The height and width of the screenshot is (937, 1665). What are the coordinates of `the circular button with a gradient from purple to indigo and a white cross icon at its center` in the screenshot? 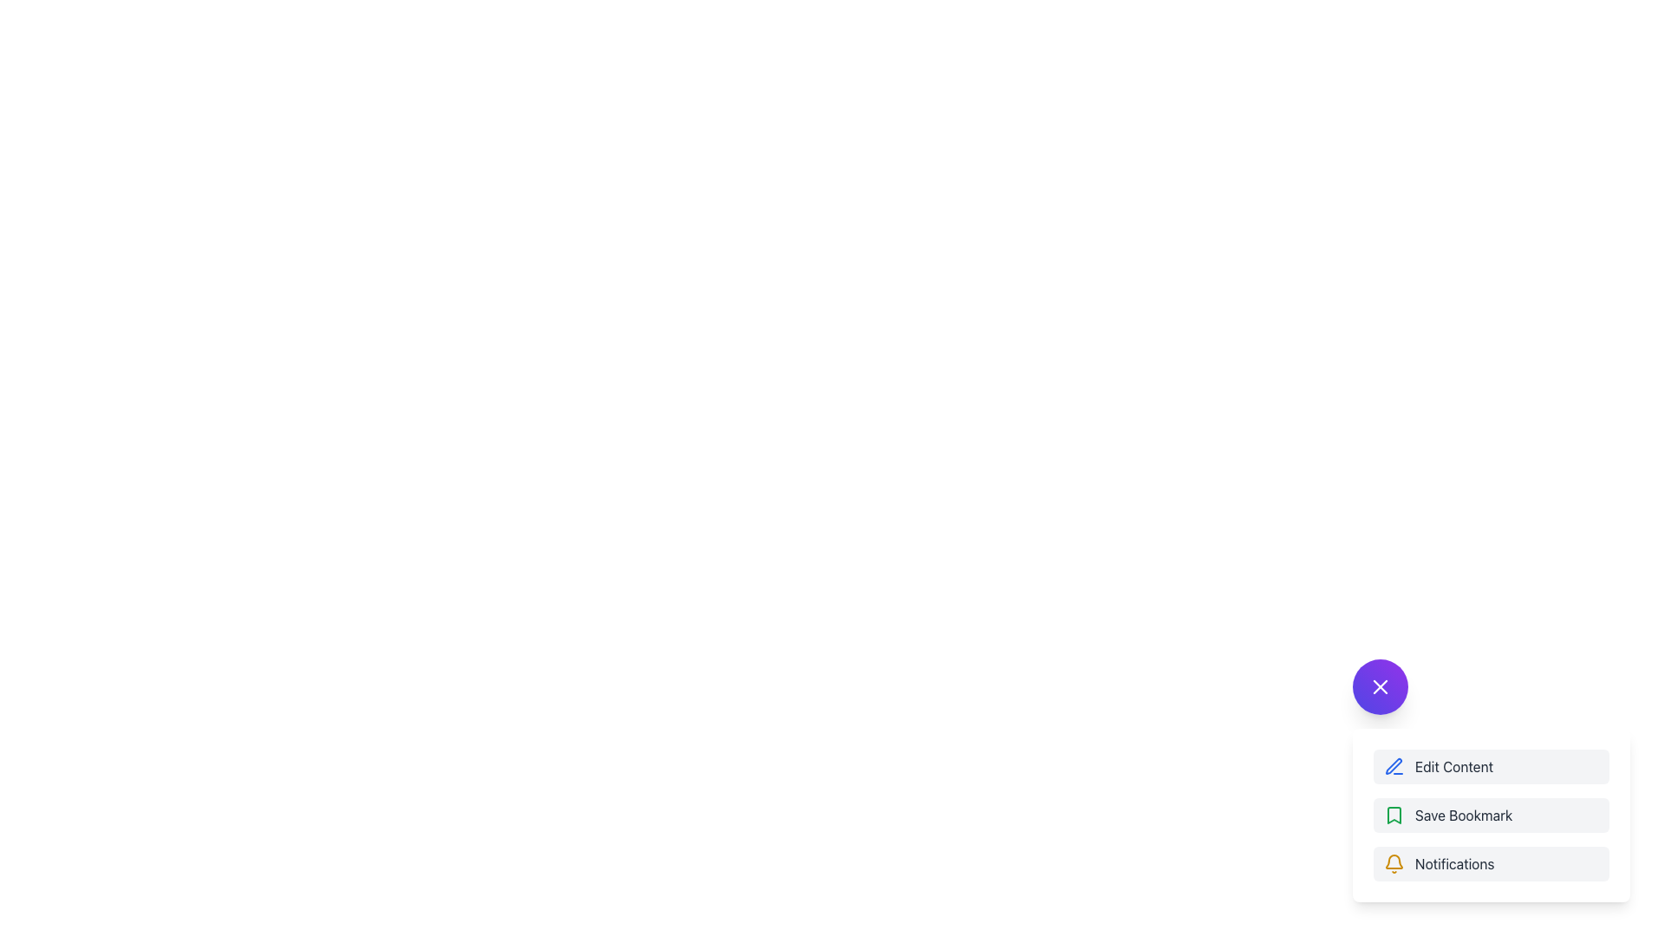 It's located at (1380, 685).